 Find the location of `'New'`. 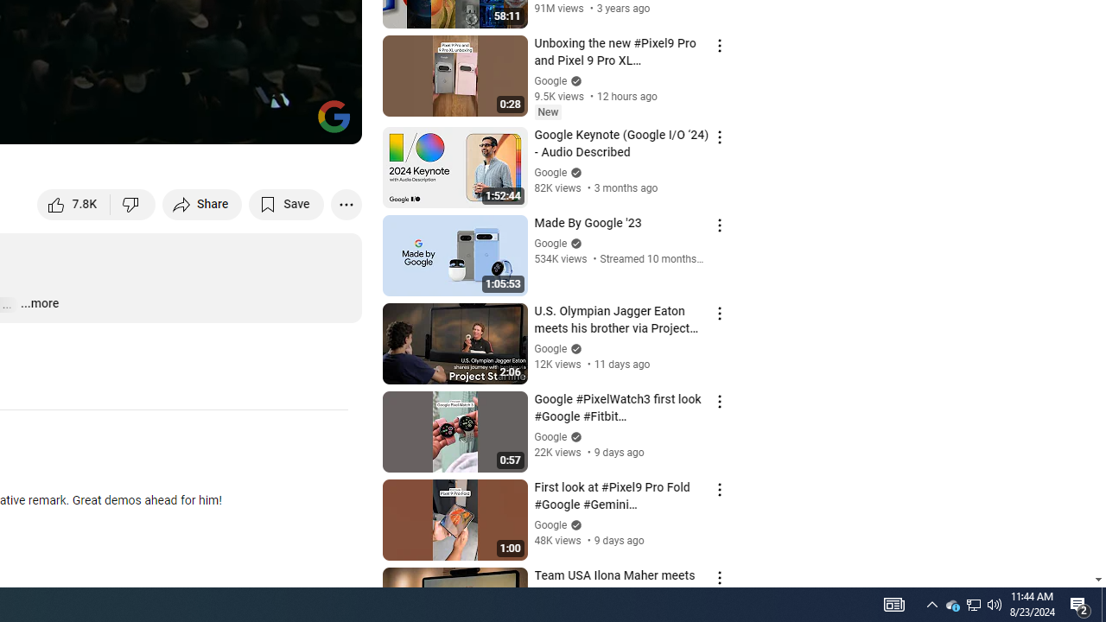

'New' is located at coordinates (547, 111).